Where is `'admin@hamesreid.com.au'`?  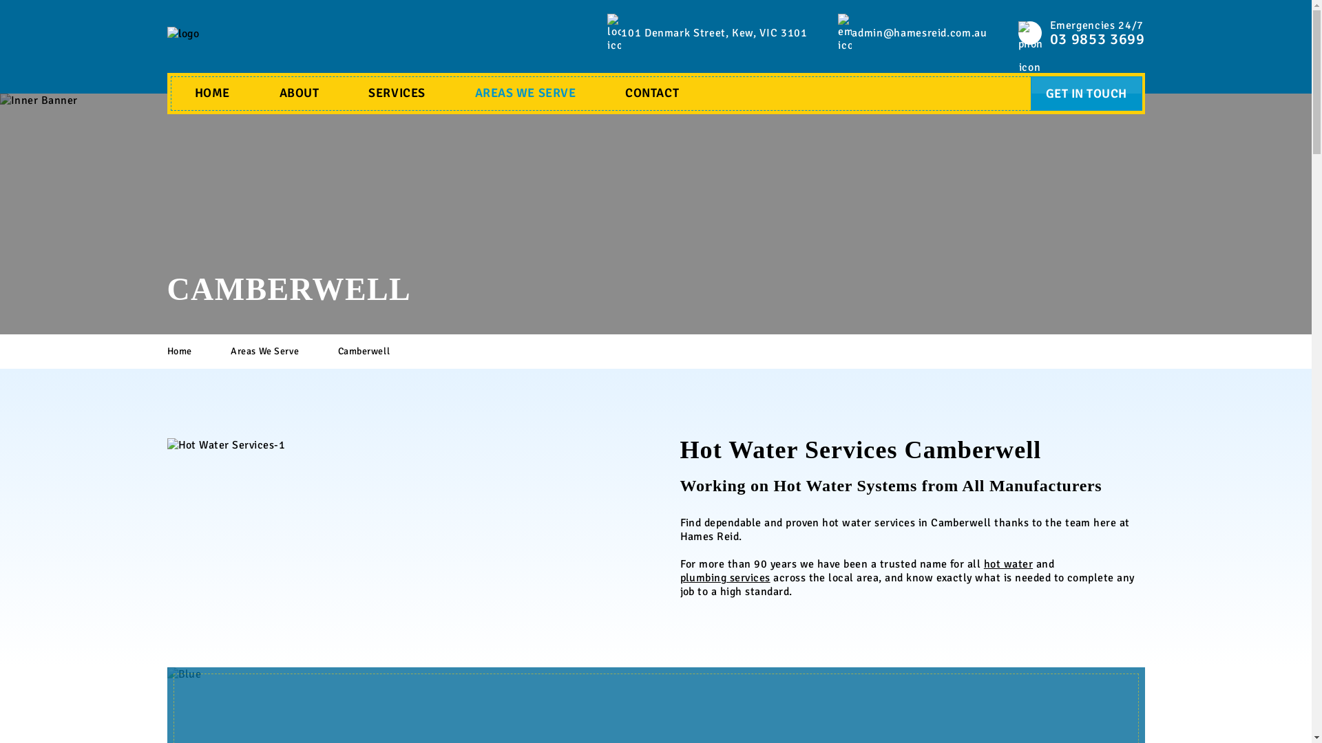
'admin@hamesreid.com.au' is located at coordinates (919, 32).